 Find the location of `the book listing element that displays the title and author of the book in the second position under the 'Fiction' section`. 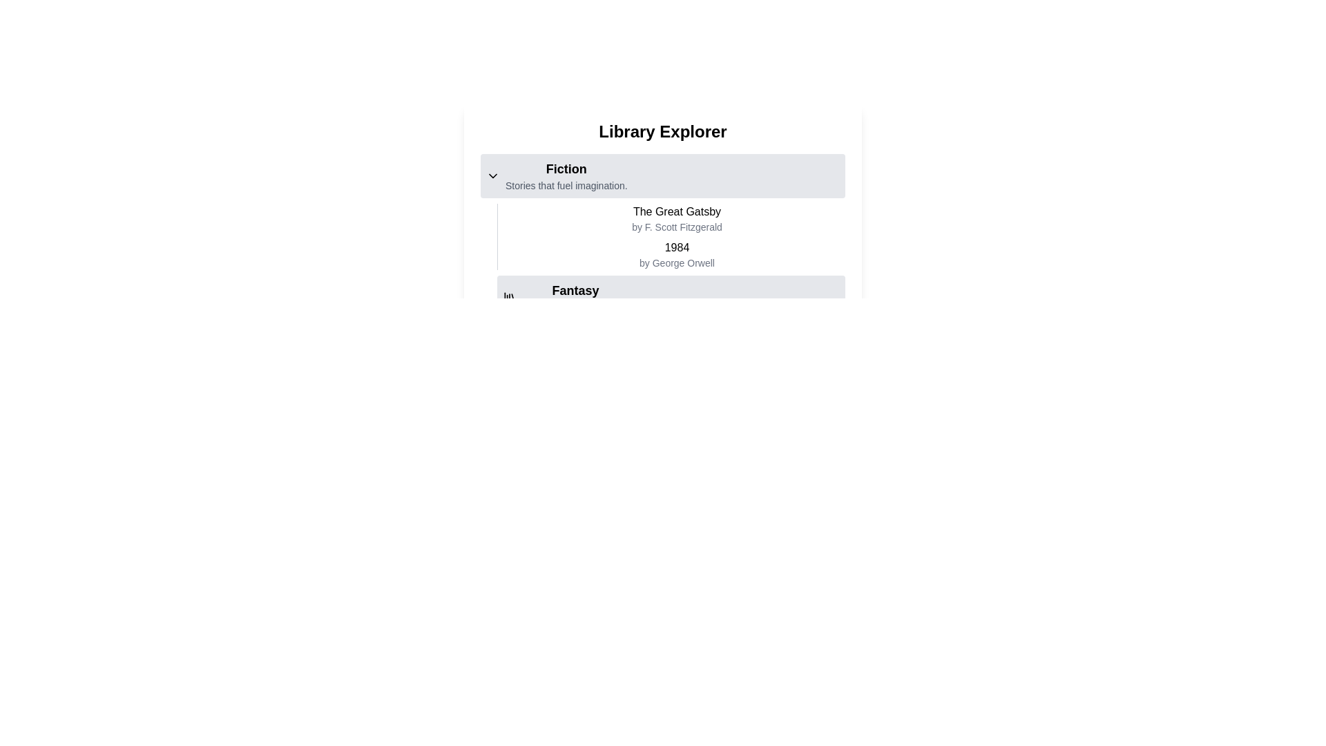

the book listing element that displays the title and author of the book in the second position under the 'Fiction' section is located at coordinates (677, 255).